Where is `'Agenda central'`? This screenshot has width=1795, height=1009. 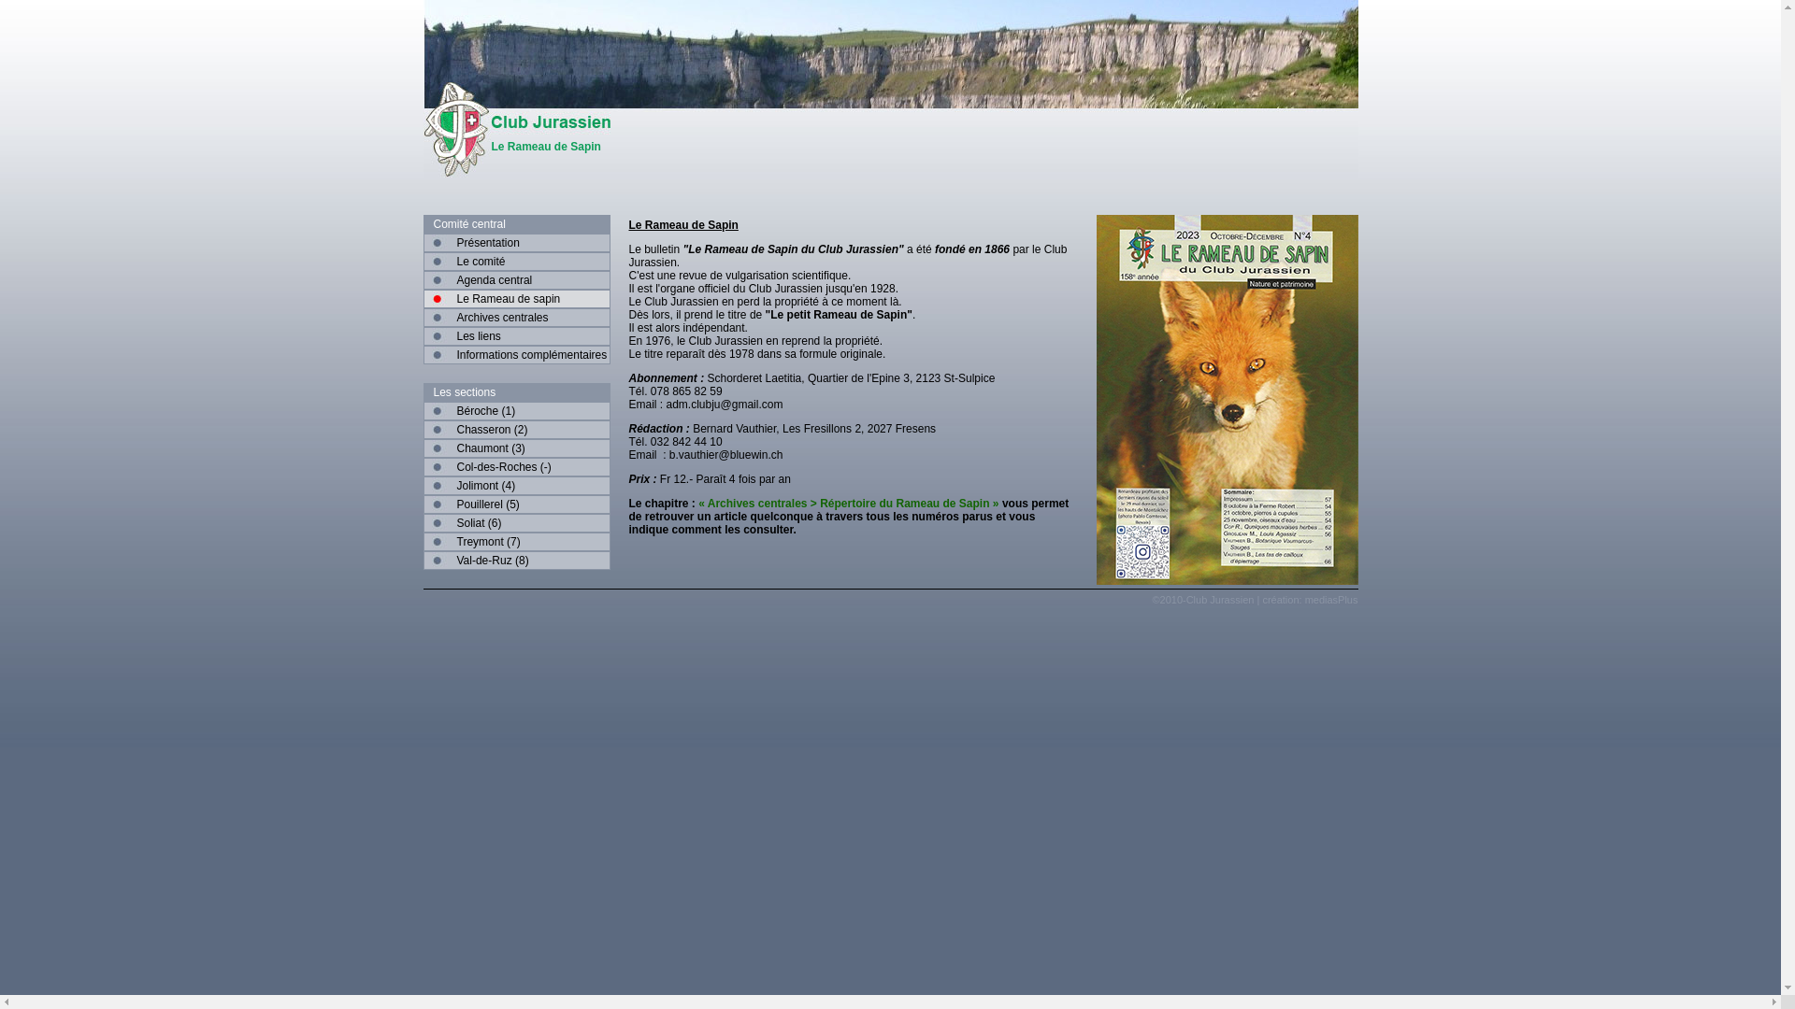 'Agenda central' is located at coordinates (516, 280).